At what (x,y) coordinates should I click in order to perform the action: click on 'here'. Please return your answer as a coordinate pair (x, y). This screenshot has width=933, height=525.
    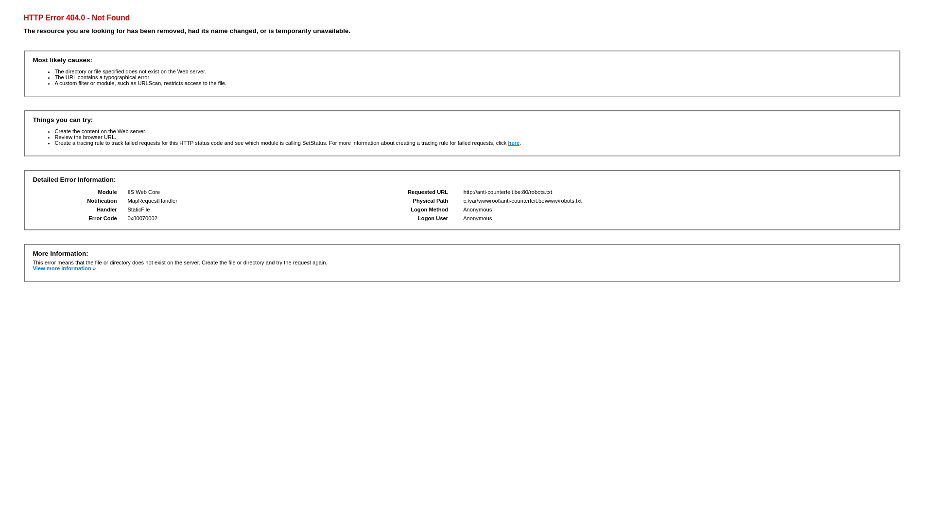
    Looking at the image, I should click on (513, 142).